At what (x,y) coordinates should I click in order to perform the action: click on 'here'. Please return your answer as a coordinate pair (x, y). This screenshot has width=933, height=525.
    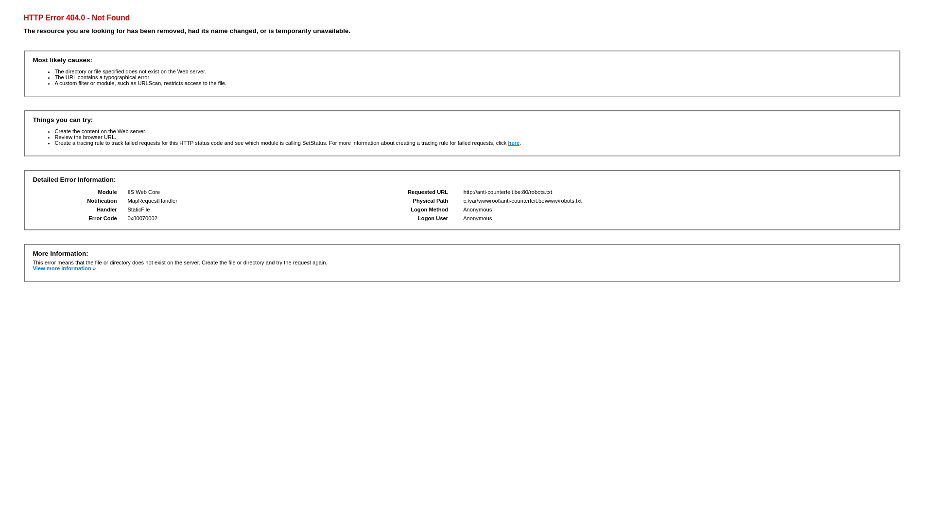
    Looking at the image, I should click on (513, 142).